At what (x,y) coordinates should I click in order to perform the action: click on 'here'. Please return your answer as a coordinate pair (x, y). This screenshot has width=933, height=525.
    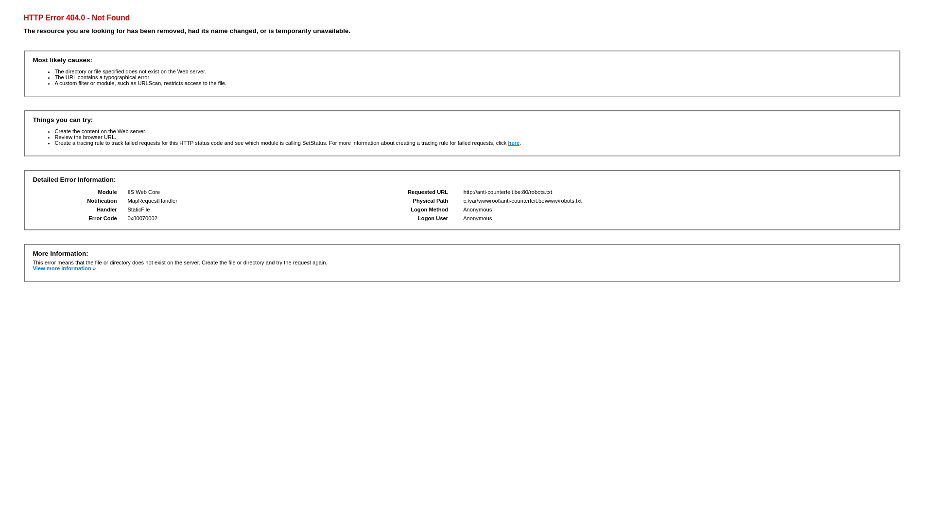
    Looking at the image, I should click on (513, 142).